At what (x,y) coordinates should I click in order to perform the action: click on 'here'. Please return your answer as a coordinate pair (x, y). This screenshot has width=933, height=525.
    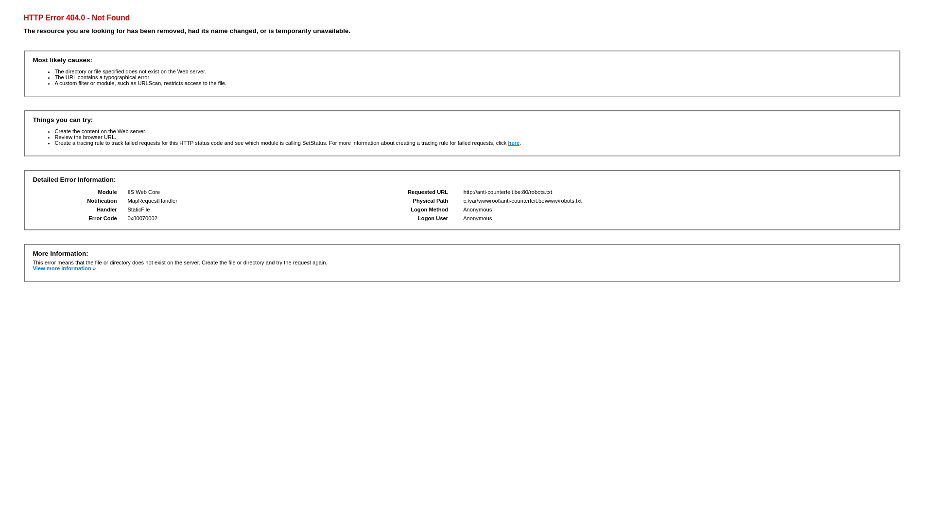
    Looking at the image, I should click on (513, 142).